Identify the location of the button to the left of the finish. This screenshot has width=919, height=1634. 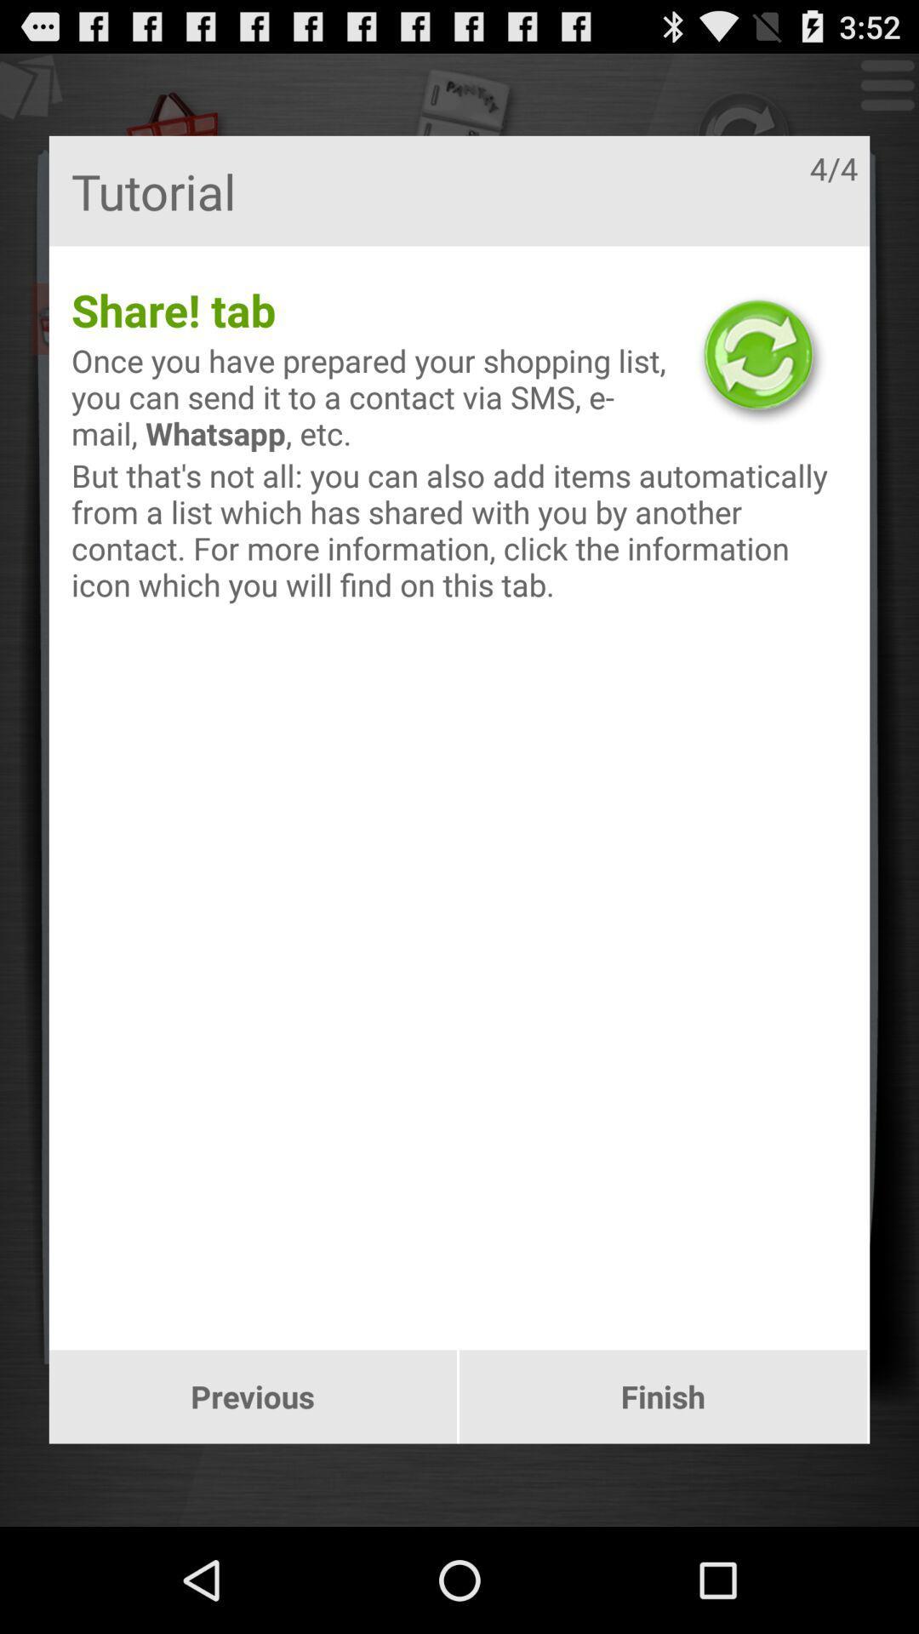
(253, 1397).